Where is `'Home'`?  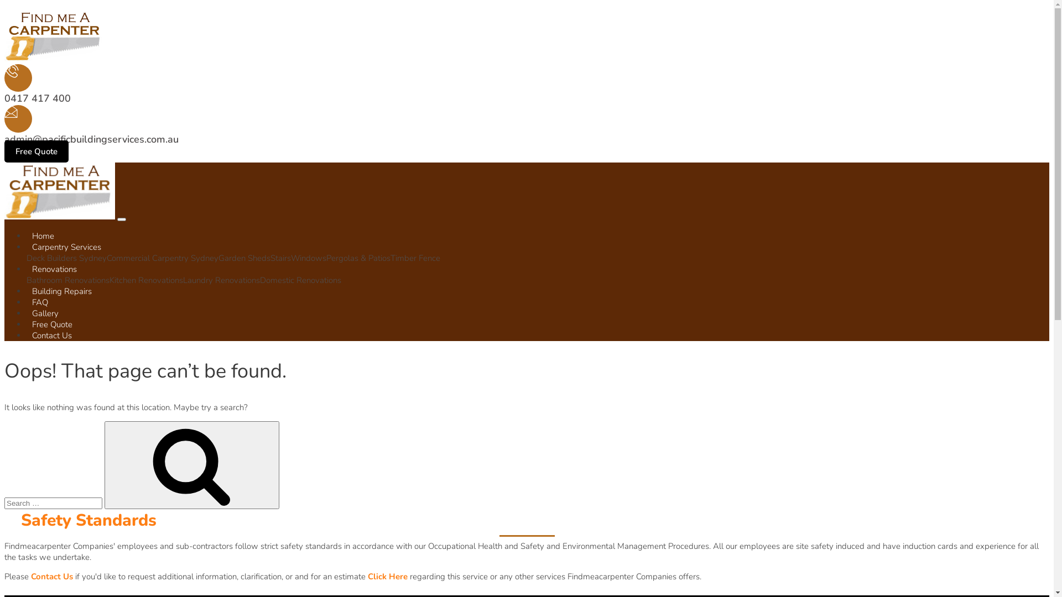
'Home' is located at coordinates (43, 235).